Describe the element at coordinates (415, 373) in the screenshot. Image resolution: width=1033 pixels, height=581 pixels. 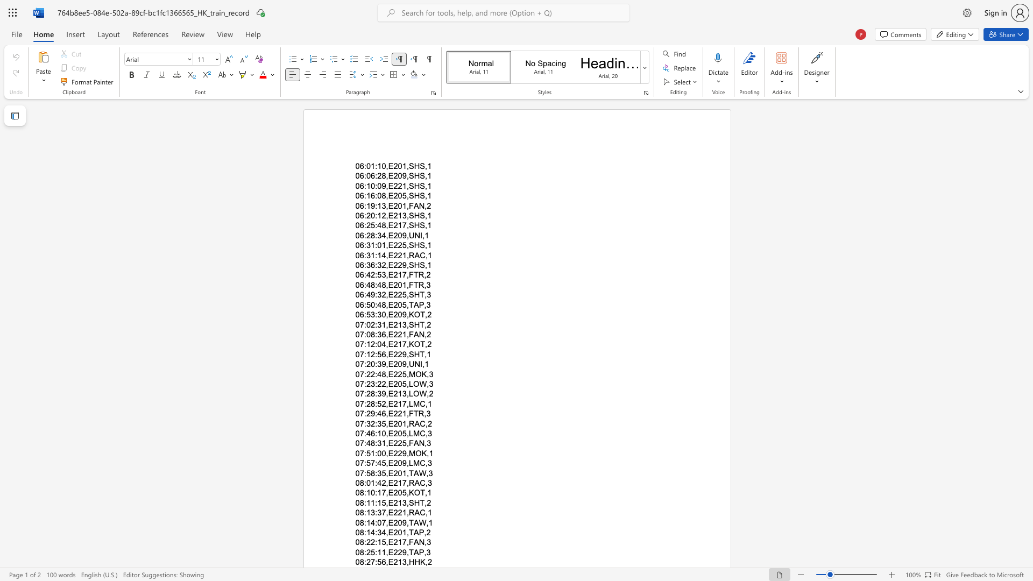
I see `the subset text "OK,3" within the text "07:22:48,E225,MOK,3"` at that location.